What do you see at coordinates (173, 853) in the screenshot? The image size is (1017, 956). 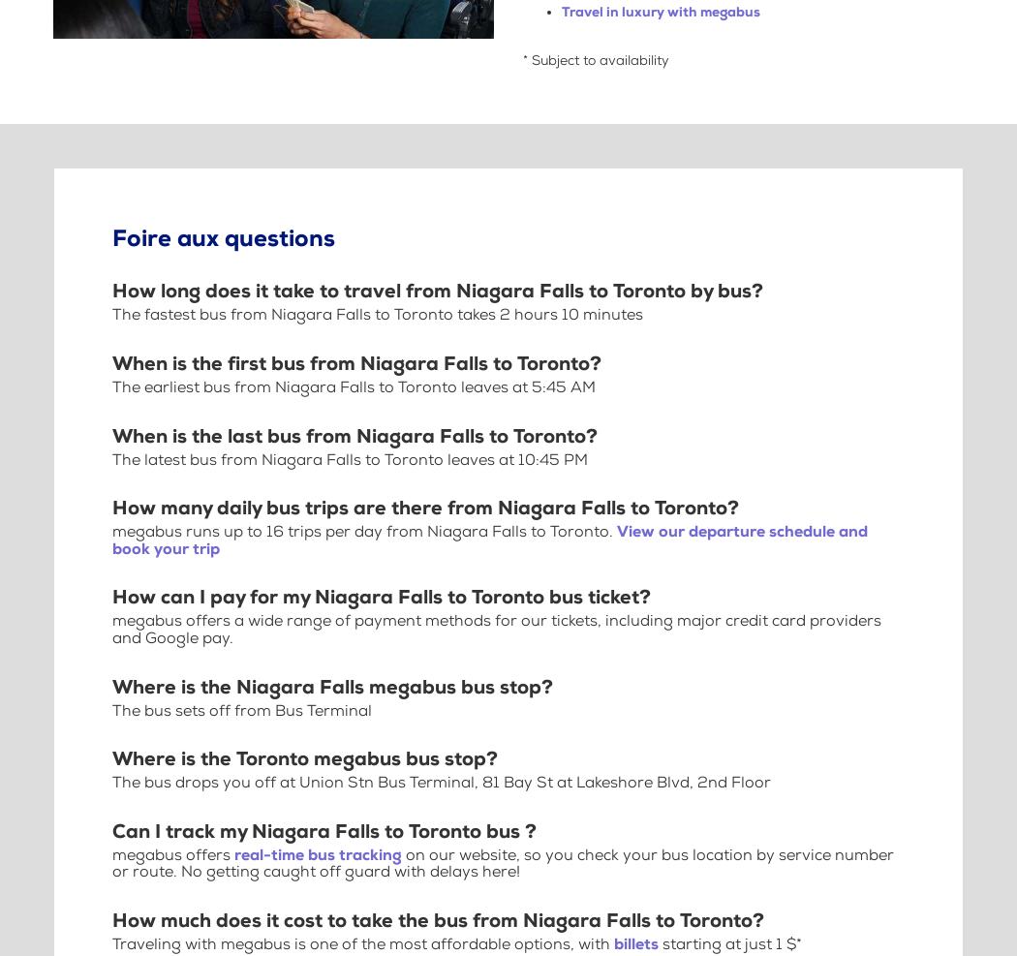 I see `'megabus offers'` at bounding box center [173, 853].